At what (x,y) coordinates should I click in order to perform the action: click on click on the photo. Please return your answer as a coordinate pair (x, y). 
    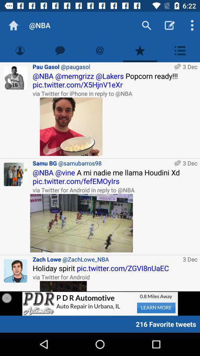
    Looking at the image, I should click on (71, 126).